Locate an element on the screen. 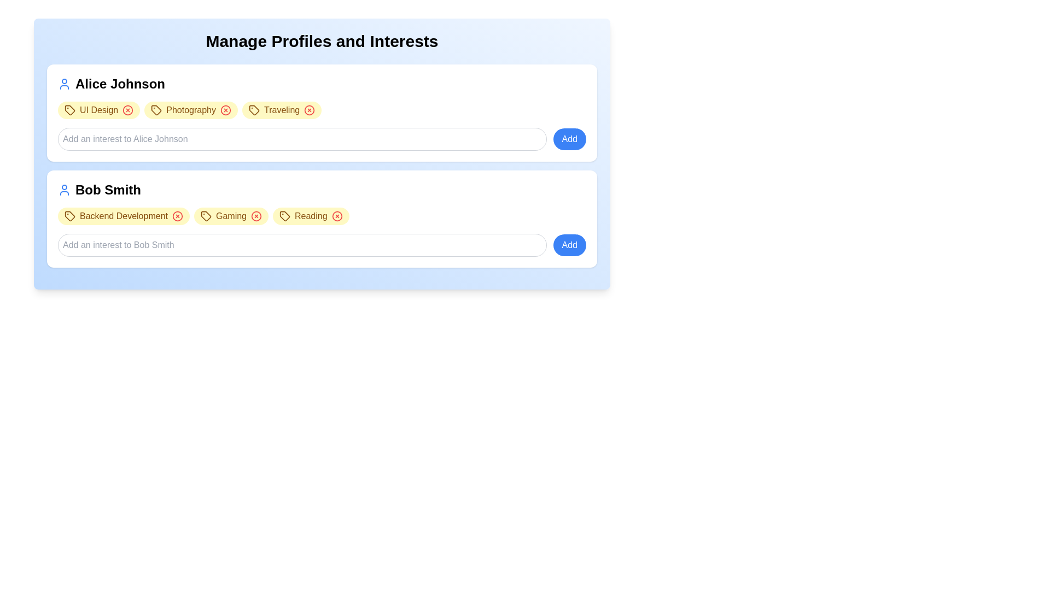 This screenshot has width=1050, height=590. the button is located at coordinates (309, 110).